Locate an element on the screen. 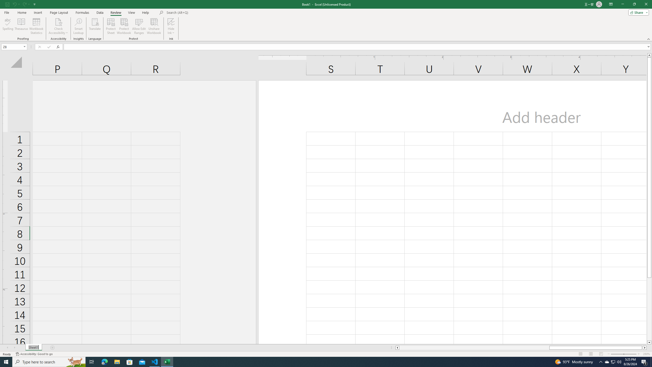 This screenshot has width=652, height=367. 'Customize Quick Access Toolbar' is located at coordinates (34, 4).